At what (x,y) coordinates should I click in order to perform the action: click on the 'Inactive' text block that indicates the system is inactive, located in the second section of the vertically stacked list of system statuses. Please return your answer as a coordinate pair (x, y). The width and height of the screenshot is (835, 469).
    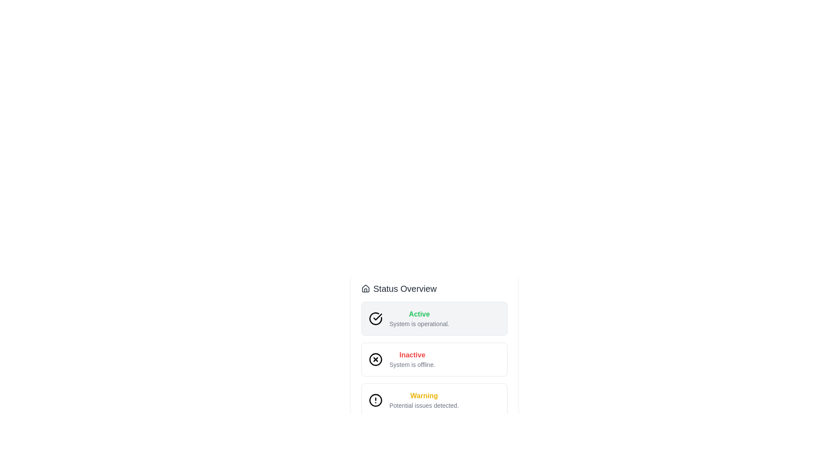
    Looking at the image, I should click on (412, 360).